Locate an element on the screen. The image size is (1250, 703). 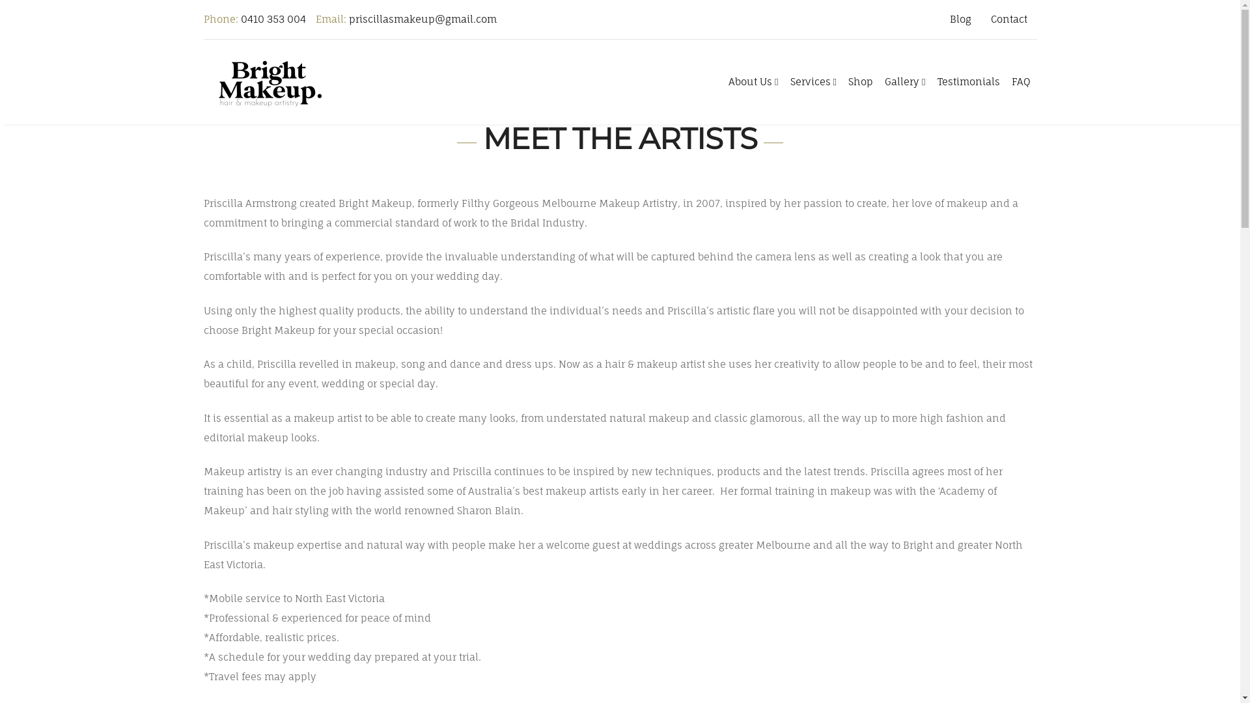
'priscillasmakeup@gmail.com' is located at coordinates (423, 19).